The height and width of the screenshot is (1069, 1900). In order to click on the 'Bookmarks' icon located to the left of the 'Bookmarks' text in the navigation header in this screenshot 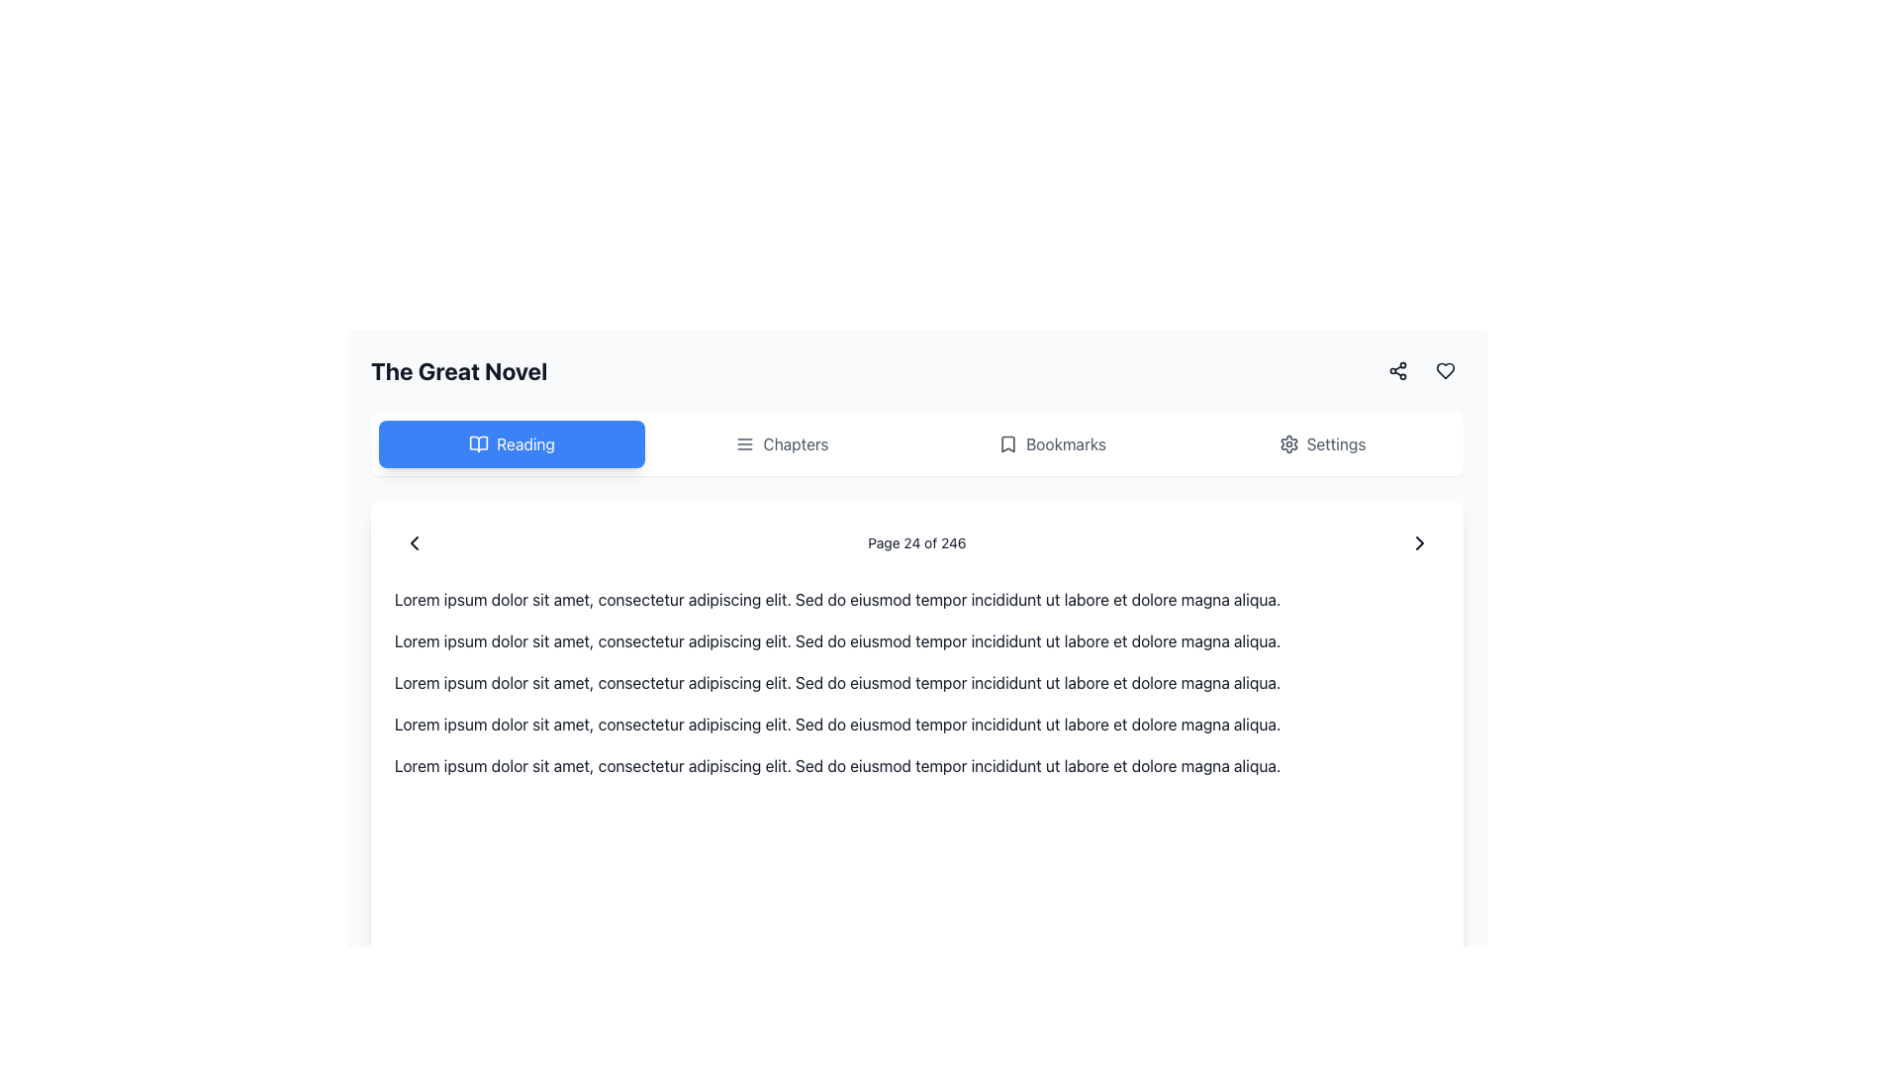, I will do `click(1008, 442)`.